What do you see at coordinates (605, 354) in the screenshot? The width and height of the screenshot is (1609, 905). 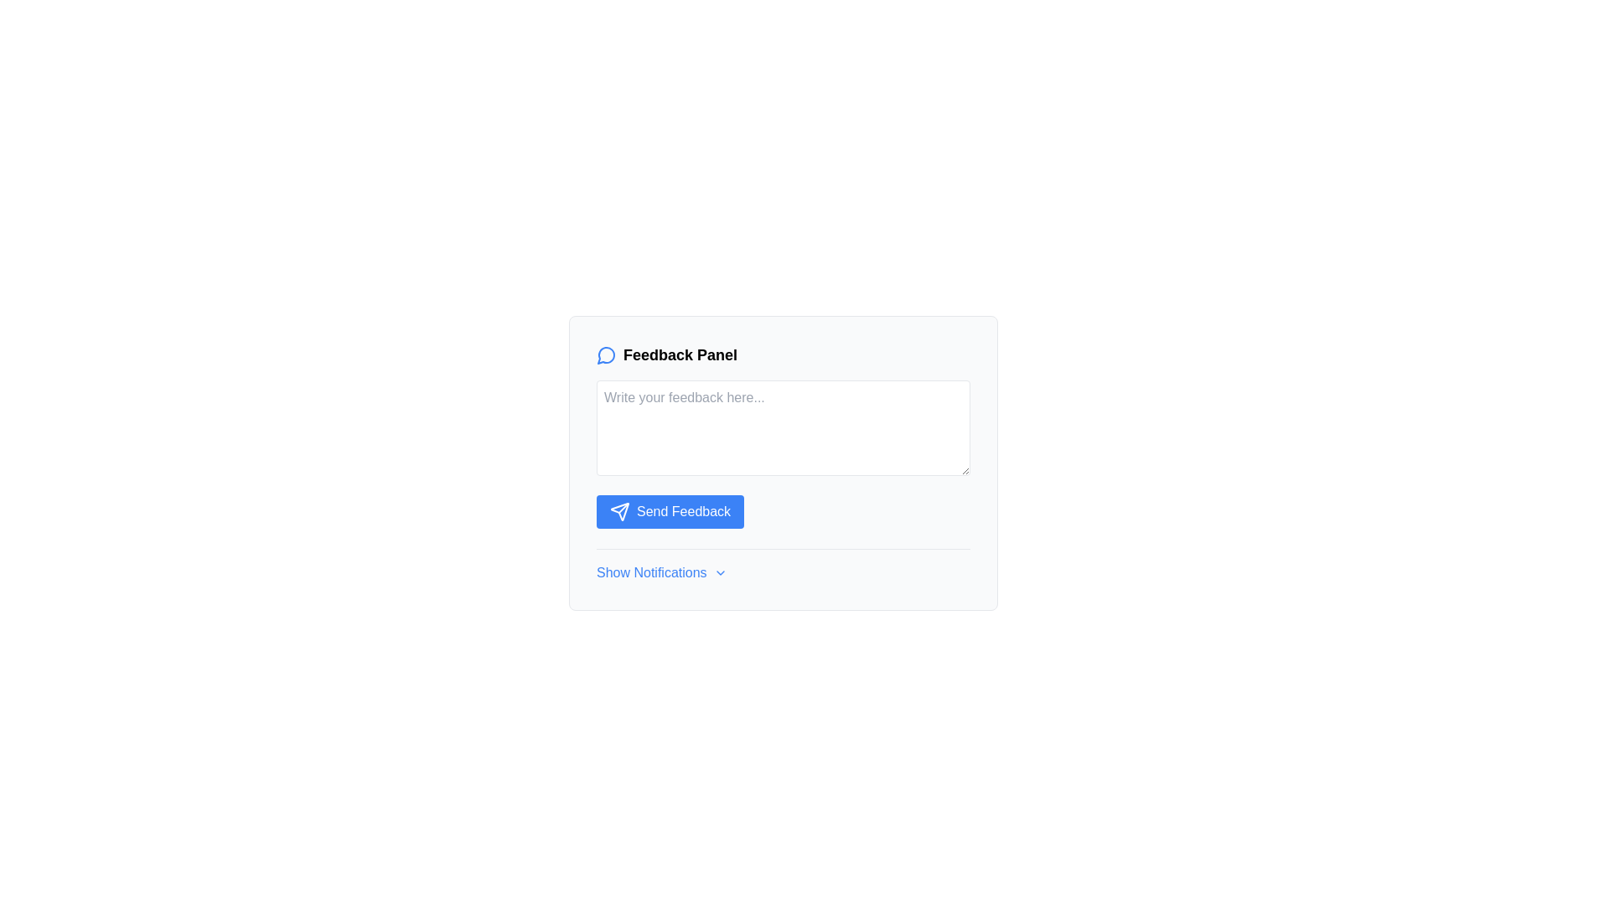 I see `the speech bubble icon, which is a circular shape with a tail-like protrusion, located in the top-left corner of the feedback panel above the input field` at bounding box center [605, 354].